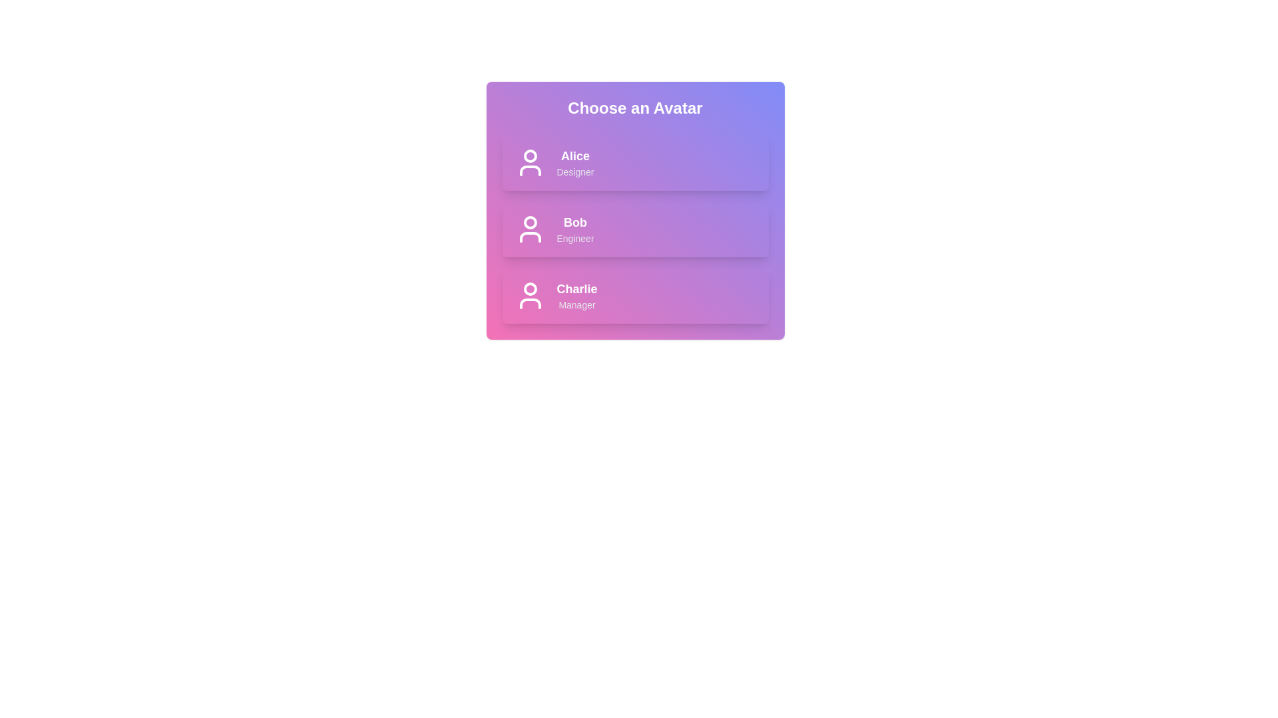 This screenshot has width=1278, height=718. What do you see at coordinates (634, 228) in the screenshot?
I see `the user selection card for 'Bob', which is the second card in a vertical list of three, positioned between 'Alice - Designer' and 'Charlie - Manager'` at bounding box center [634, 228].